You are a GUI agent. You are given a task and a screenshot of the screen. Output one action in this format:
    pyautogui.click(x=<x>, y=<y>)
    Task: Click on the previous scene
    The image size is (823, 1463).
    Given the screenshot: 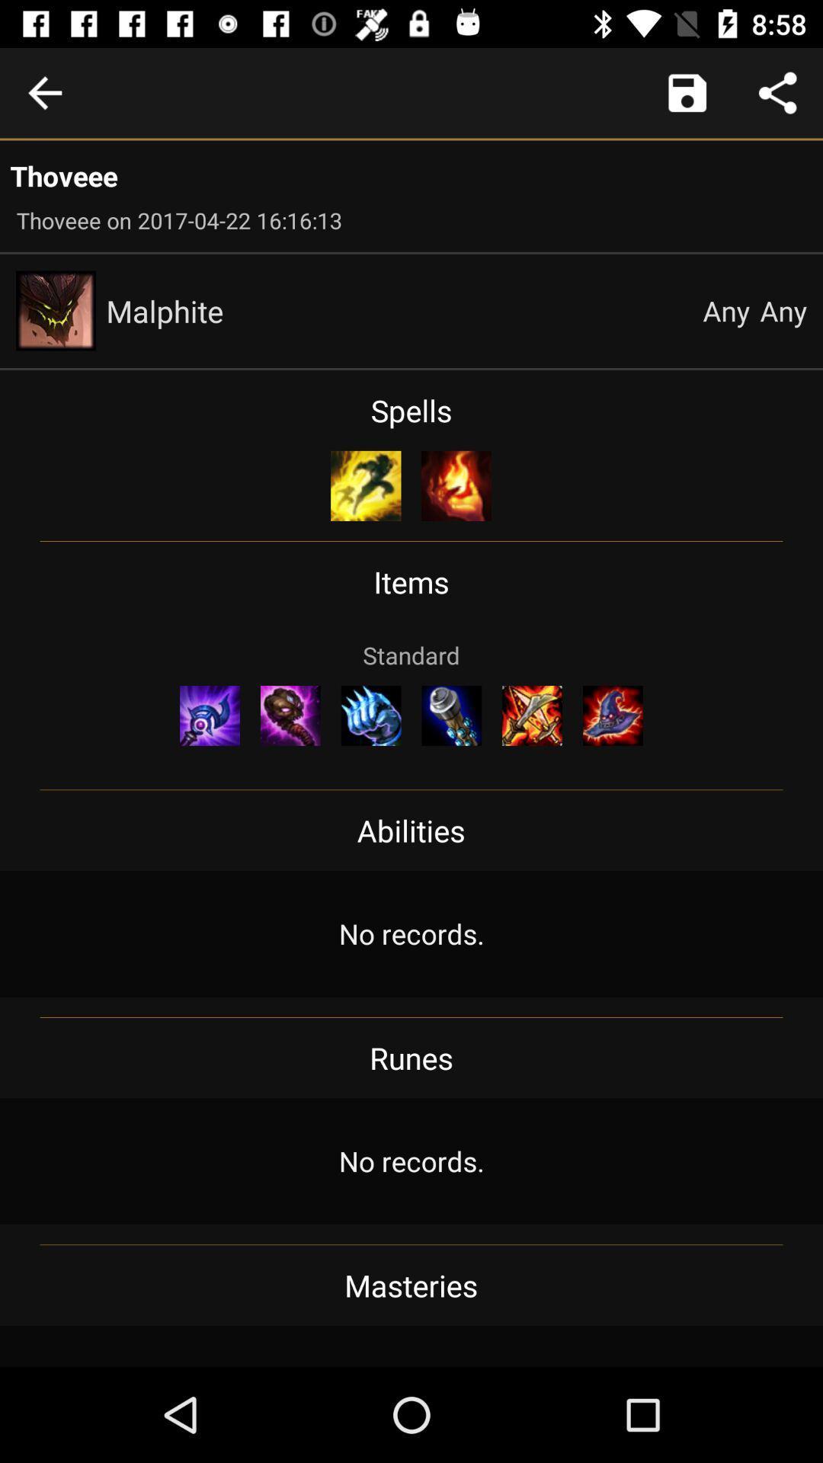 What is the action you would take?
    pyautogui.click(x=44, y=92)
    